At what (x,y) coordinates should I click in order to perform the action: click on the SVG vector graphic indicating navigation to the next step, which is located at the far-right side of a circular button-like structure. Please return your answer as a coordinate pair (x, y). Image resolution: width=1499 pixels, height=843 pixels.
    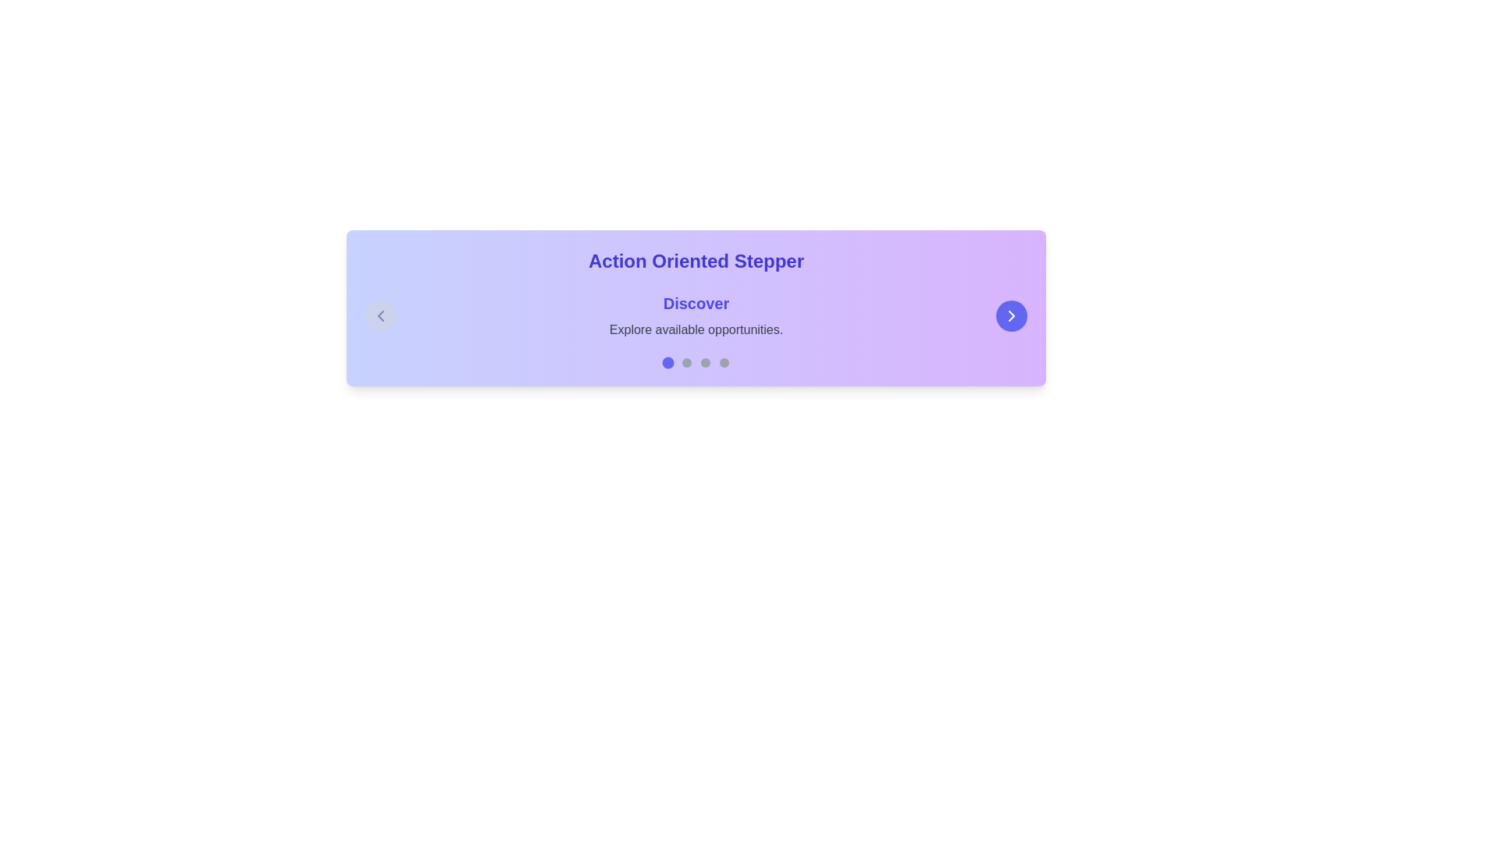
    Looking at the image, I should click on (1012, 316).